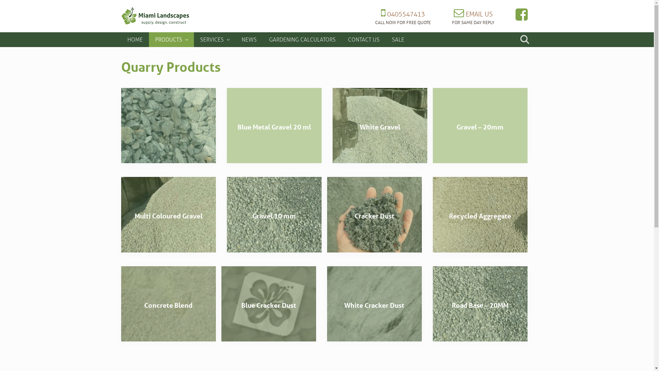 The height and width of the screenshot is (371, 659). Describe the element at coordinates (135, 40) in the screenshot. I see `'HOME'` at that location.